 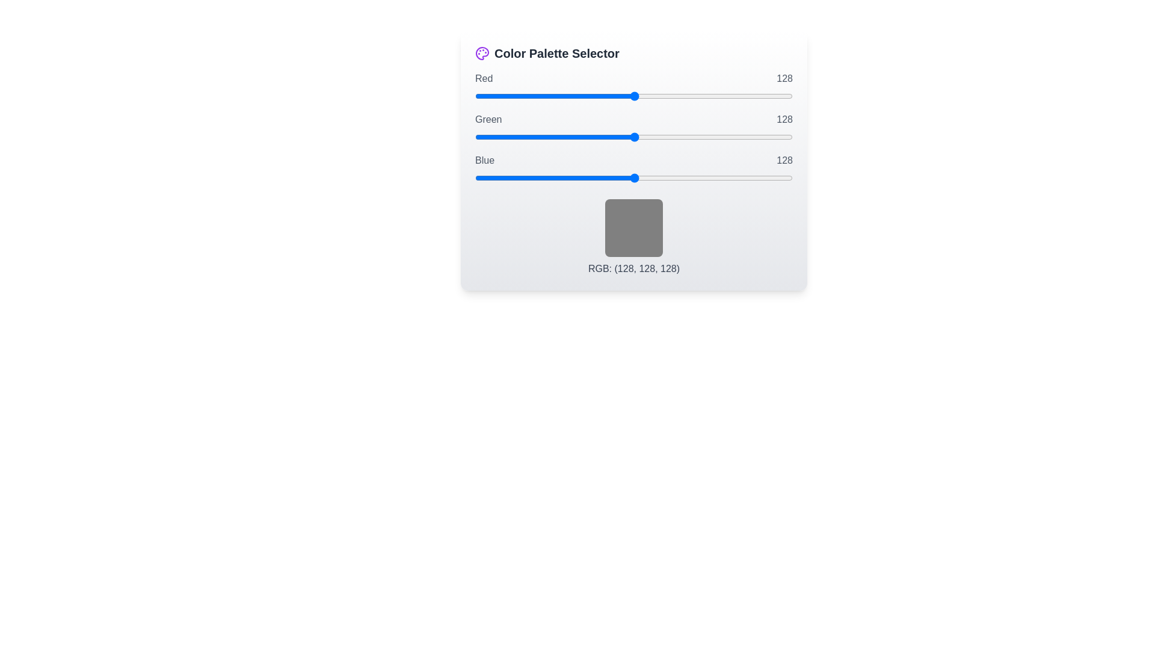 What do you see at coordinates (602, 136) in the screenshot?
I see `the green slider to set its value to 102` at bounding box center [602, 136].